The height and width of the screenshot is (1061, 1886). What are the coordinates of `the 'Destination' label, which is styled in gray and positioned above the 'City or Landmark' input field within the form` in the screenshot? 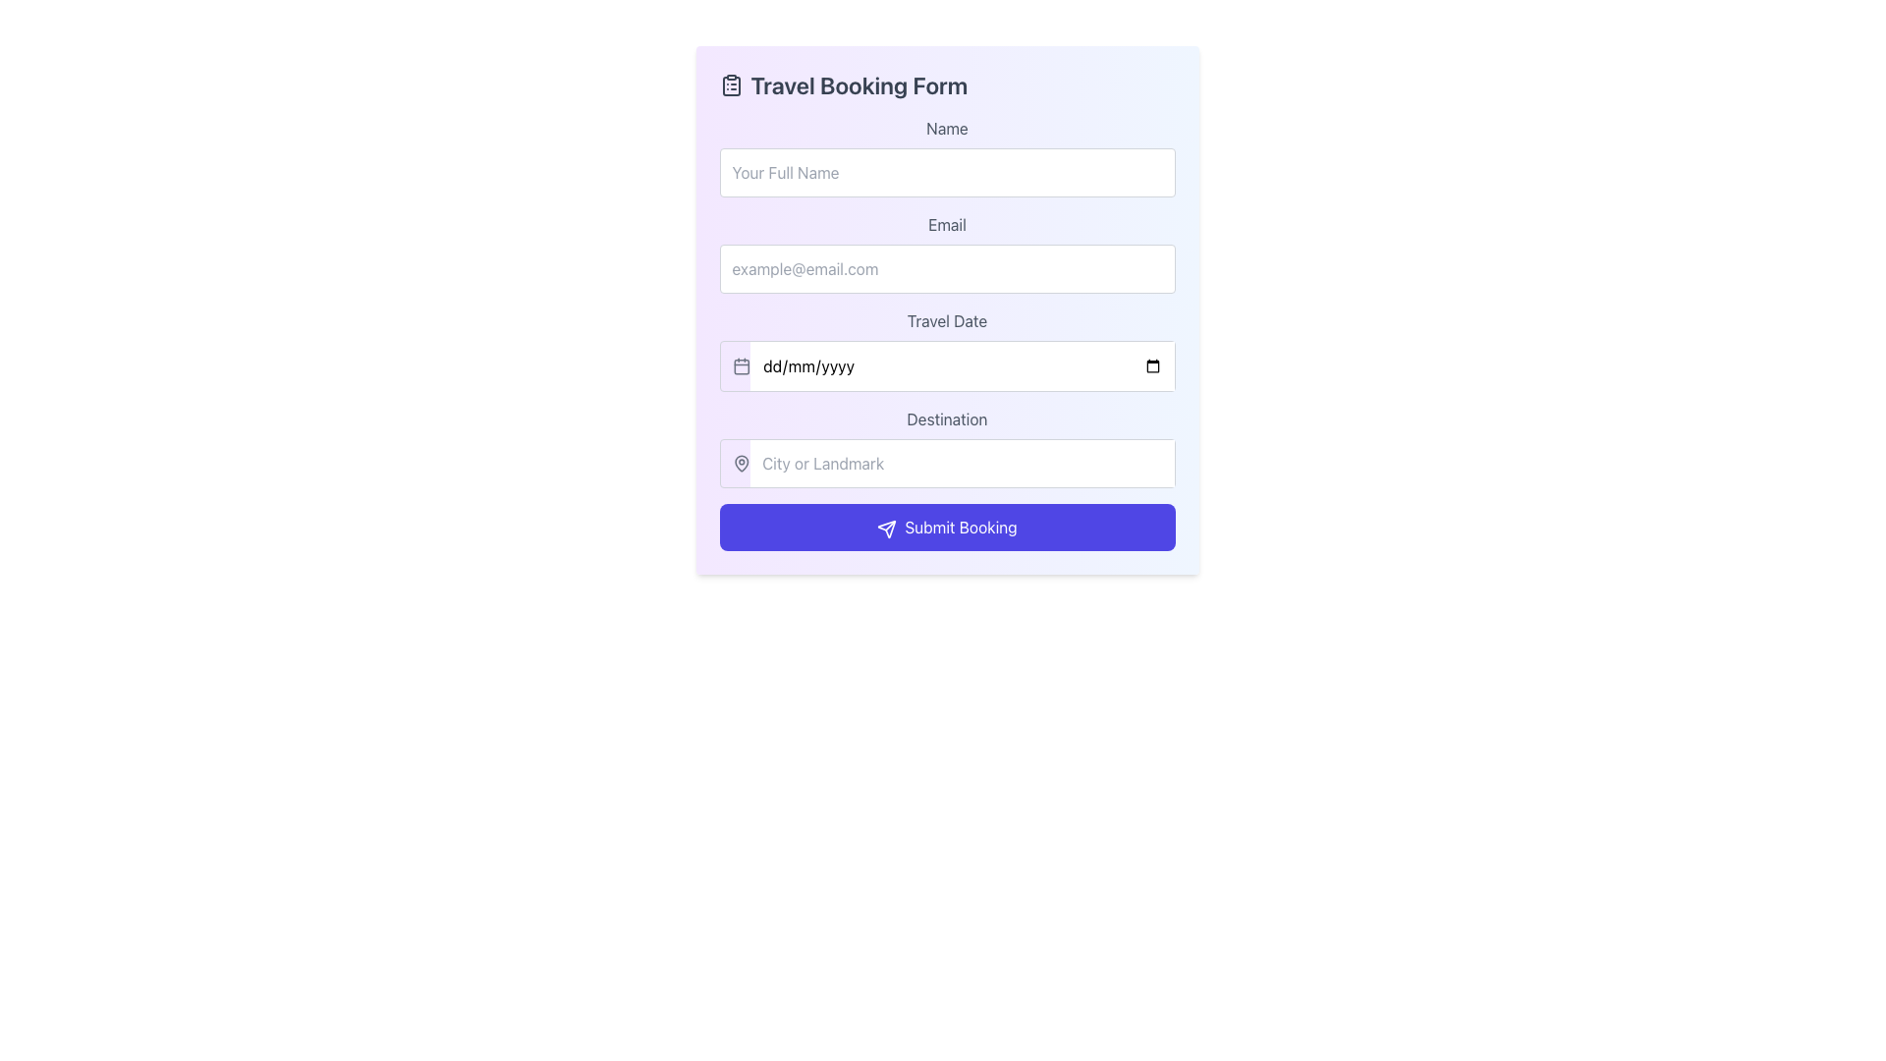 It's located at (947, 419).